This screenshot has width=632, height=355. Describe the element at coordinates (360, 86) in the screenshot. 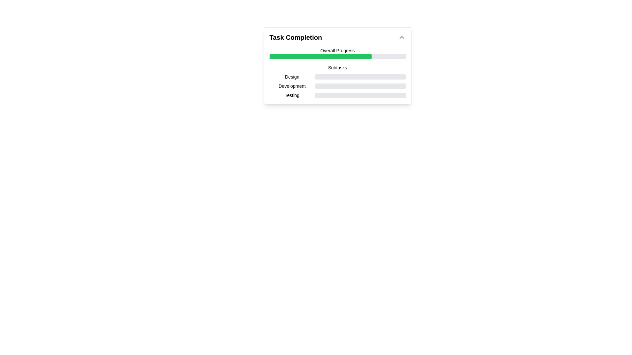

I see `visual information from the progress bar located next to the text 'Development', which has a gray background with a green filled section indicating completion percentage` at that location.